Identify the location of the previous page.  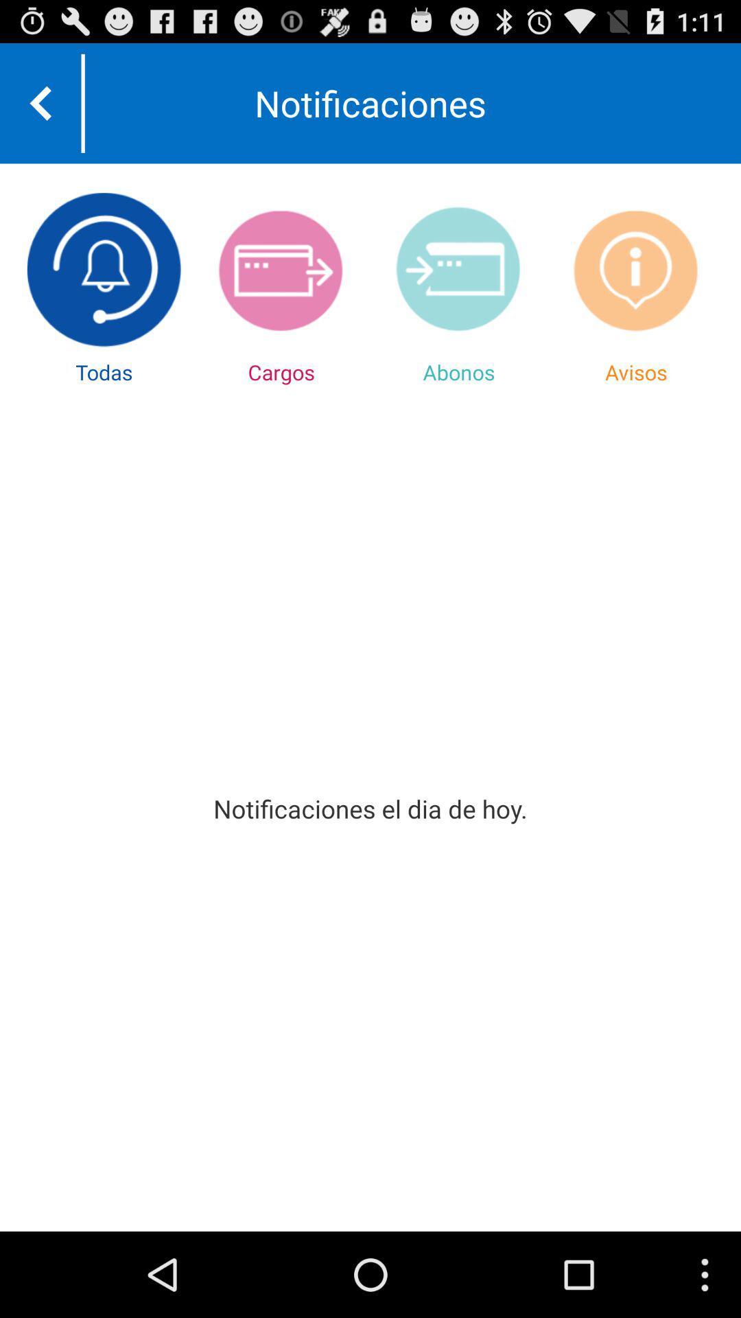
(40, 102).